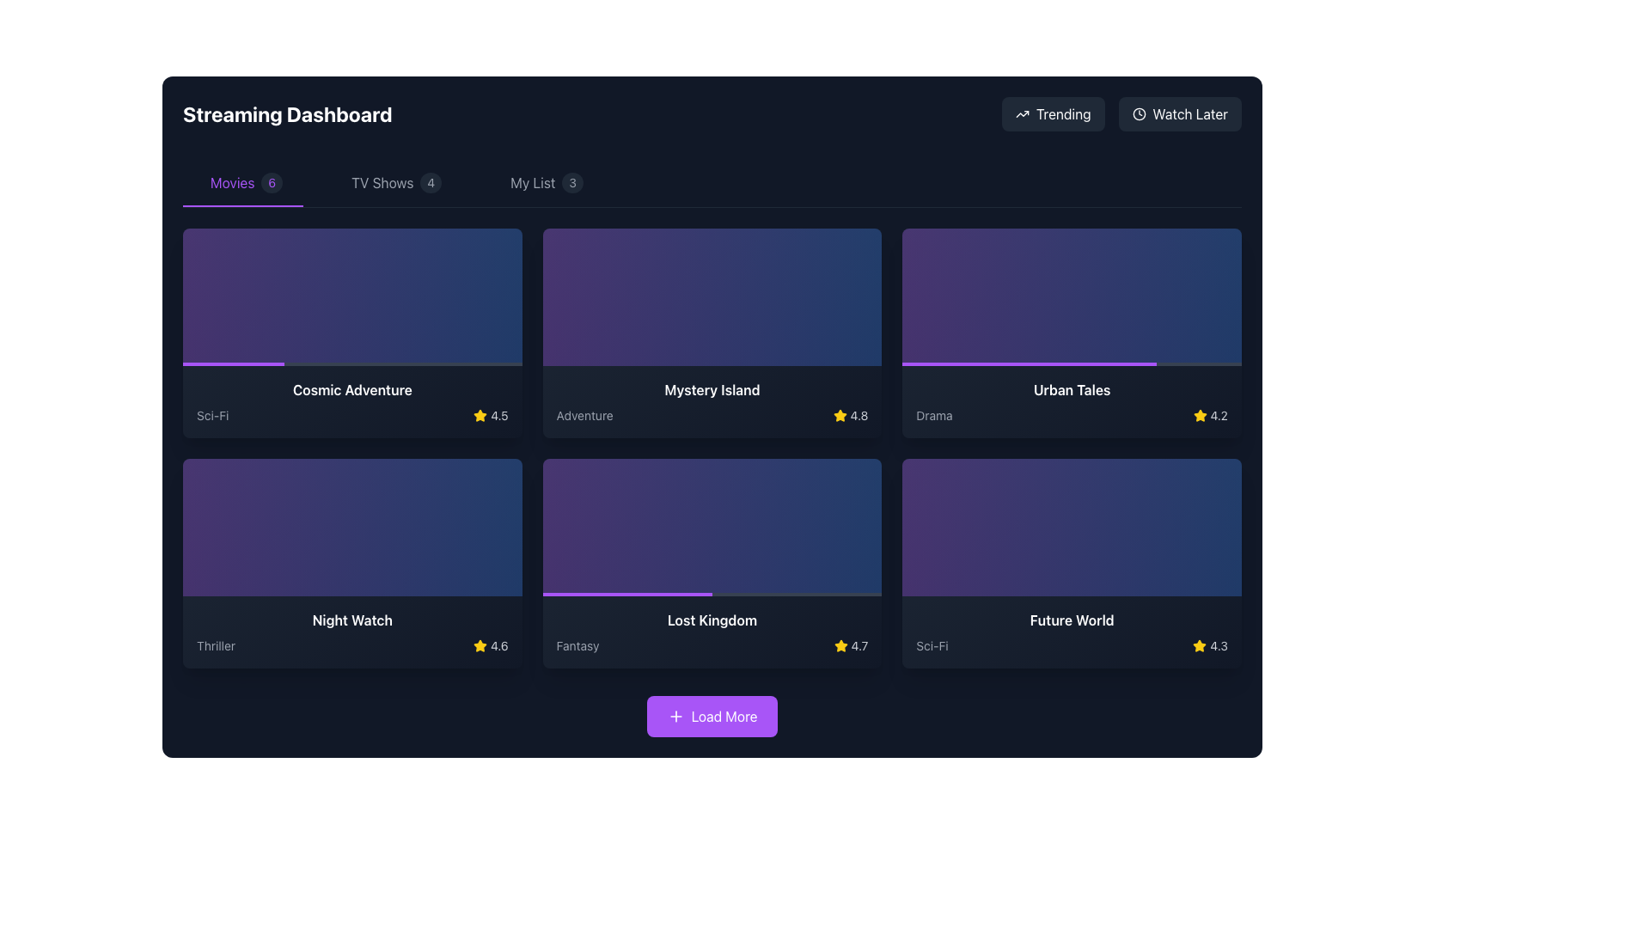  I want to click on the 'TV Shows' tab in the navigation menu, so click(382, 182).